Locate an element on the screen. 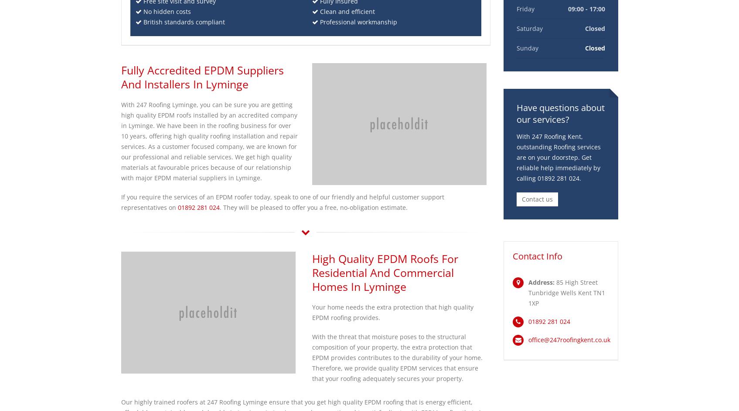  'Contact Info' is located at coordinates (537, 256).